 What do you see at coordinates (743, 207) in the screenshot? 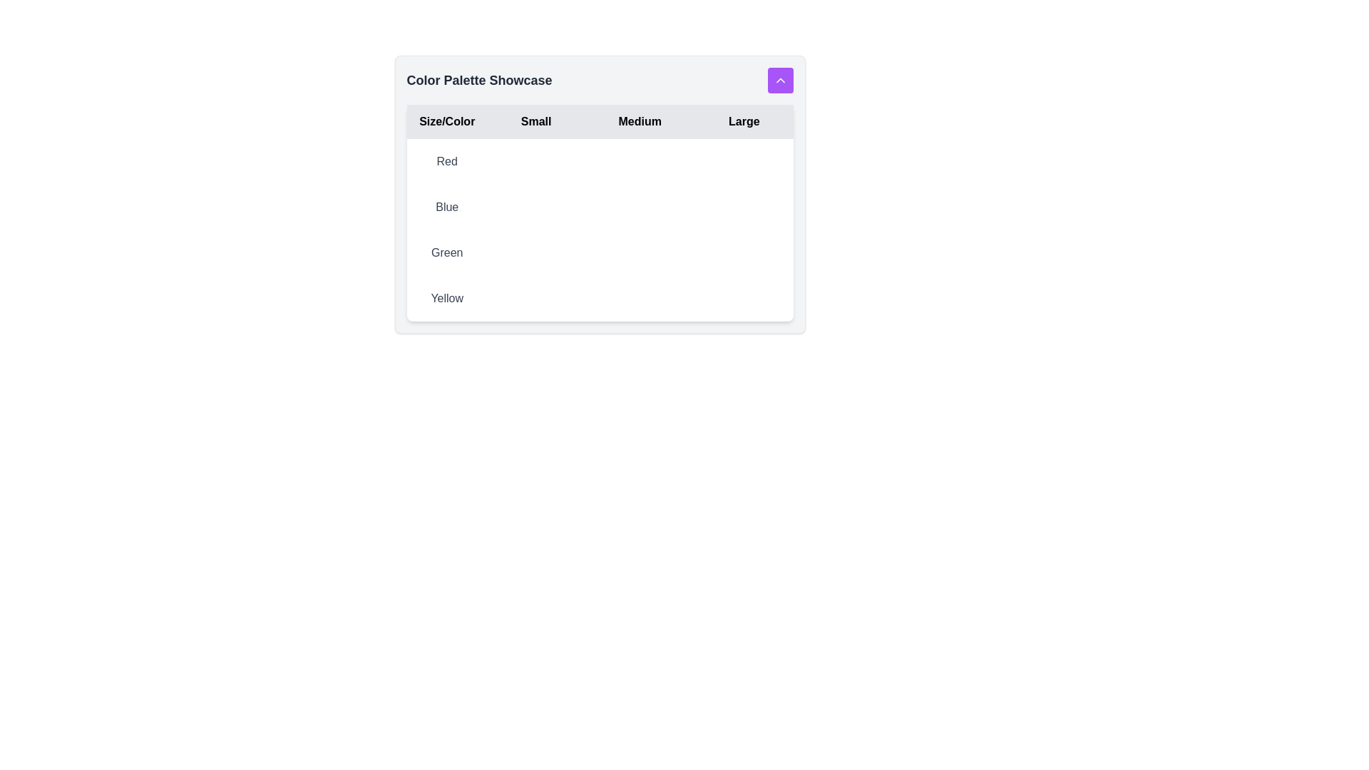
I see `the inactive 'Code Large' button located on the rightmost side of the 'Blue' row, which is the third button representing the 'Large' size category` at bounding box center [743, 207].